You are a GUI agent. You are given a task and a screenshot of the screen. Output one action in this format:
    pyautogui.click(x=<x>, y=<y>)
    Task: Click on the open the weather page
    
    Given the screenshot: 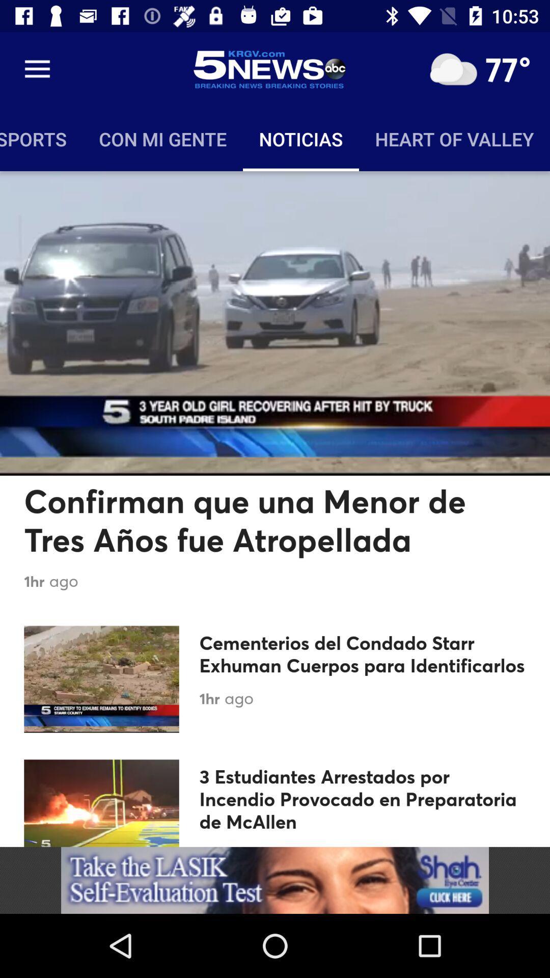 What is the action you would take?
    pyautogui.click(x=453, y=69)
    